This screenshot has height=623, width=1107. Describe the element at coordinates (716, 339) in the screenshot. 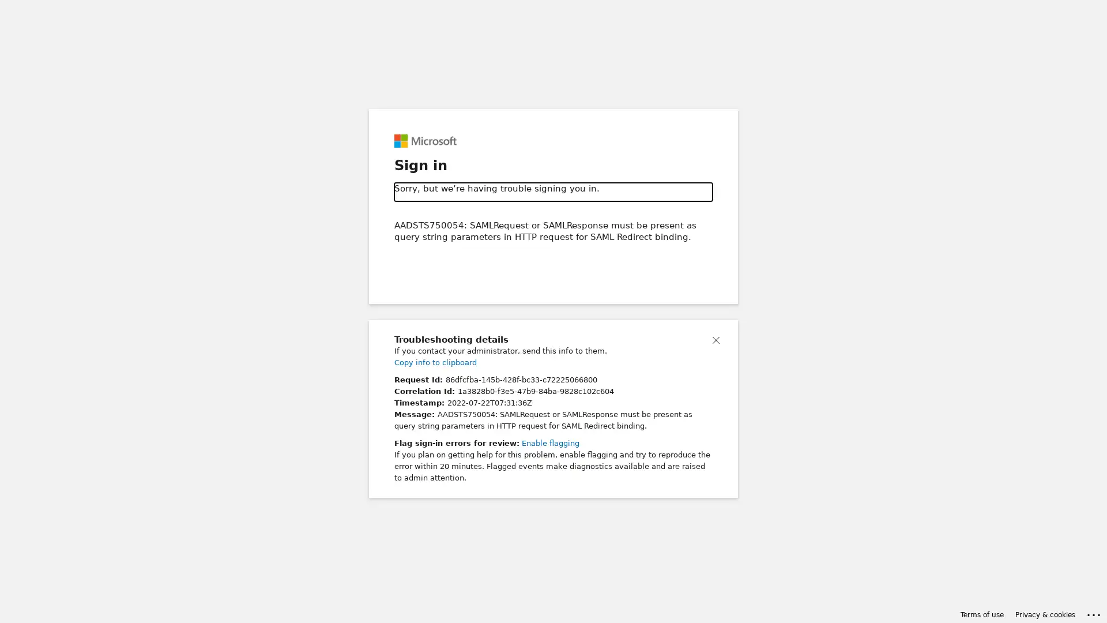

I see `Close troubleshooting details` at that location.